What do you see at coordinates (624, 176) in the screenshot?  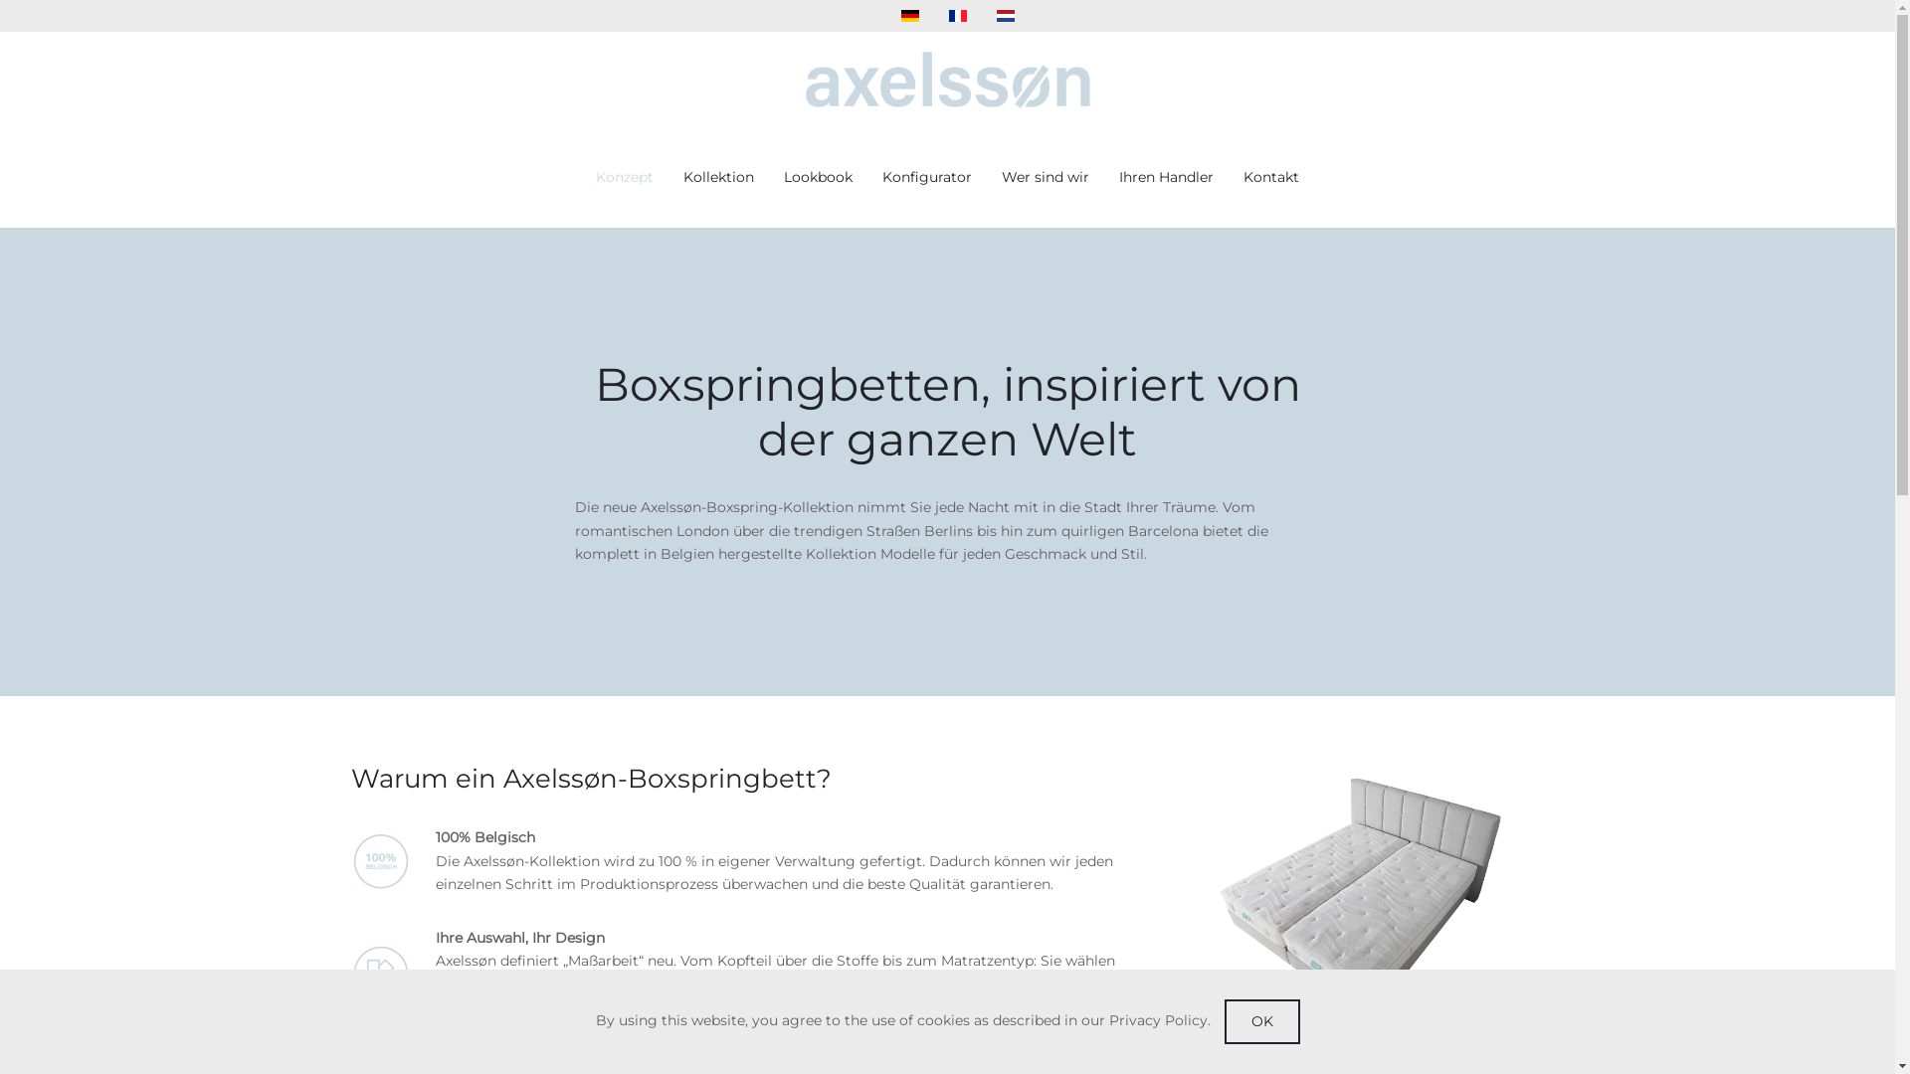 I see `'Konzept'` at bounding box center [624, 176].